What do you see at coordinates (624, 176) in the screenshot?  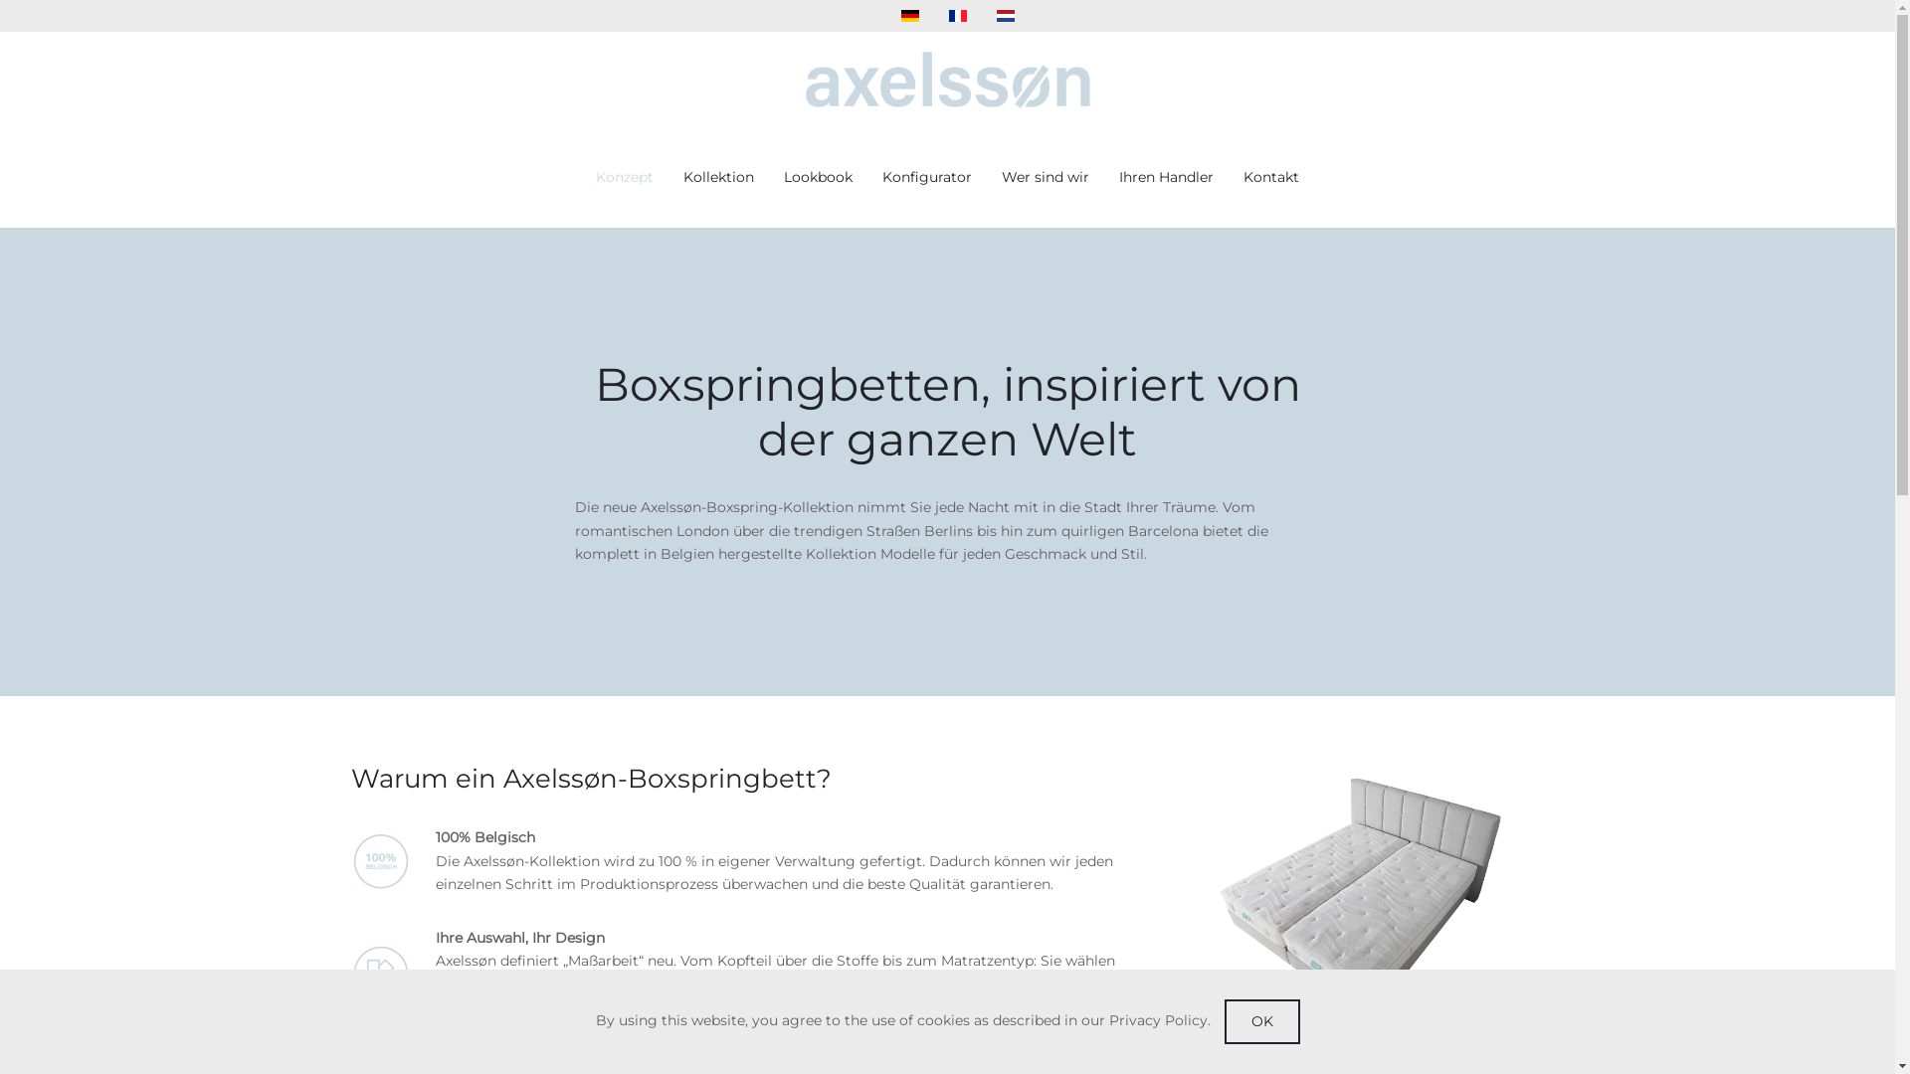 I see `'Konzept'` at bounding box center [624, 176].